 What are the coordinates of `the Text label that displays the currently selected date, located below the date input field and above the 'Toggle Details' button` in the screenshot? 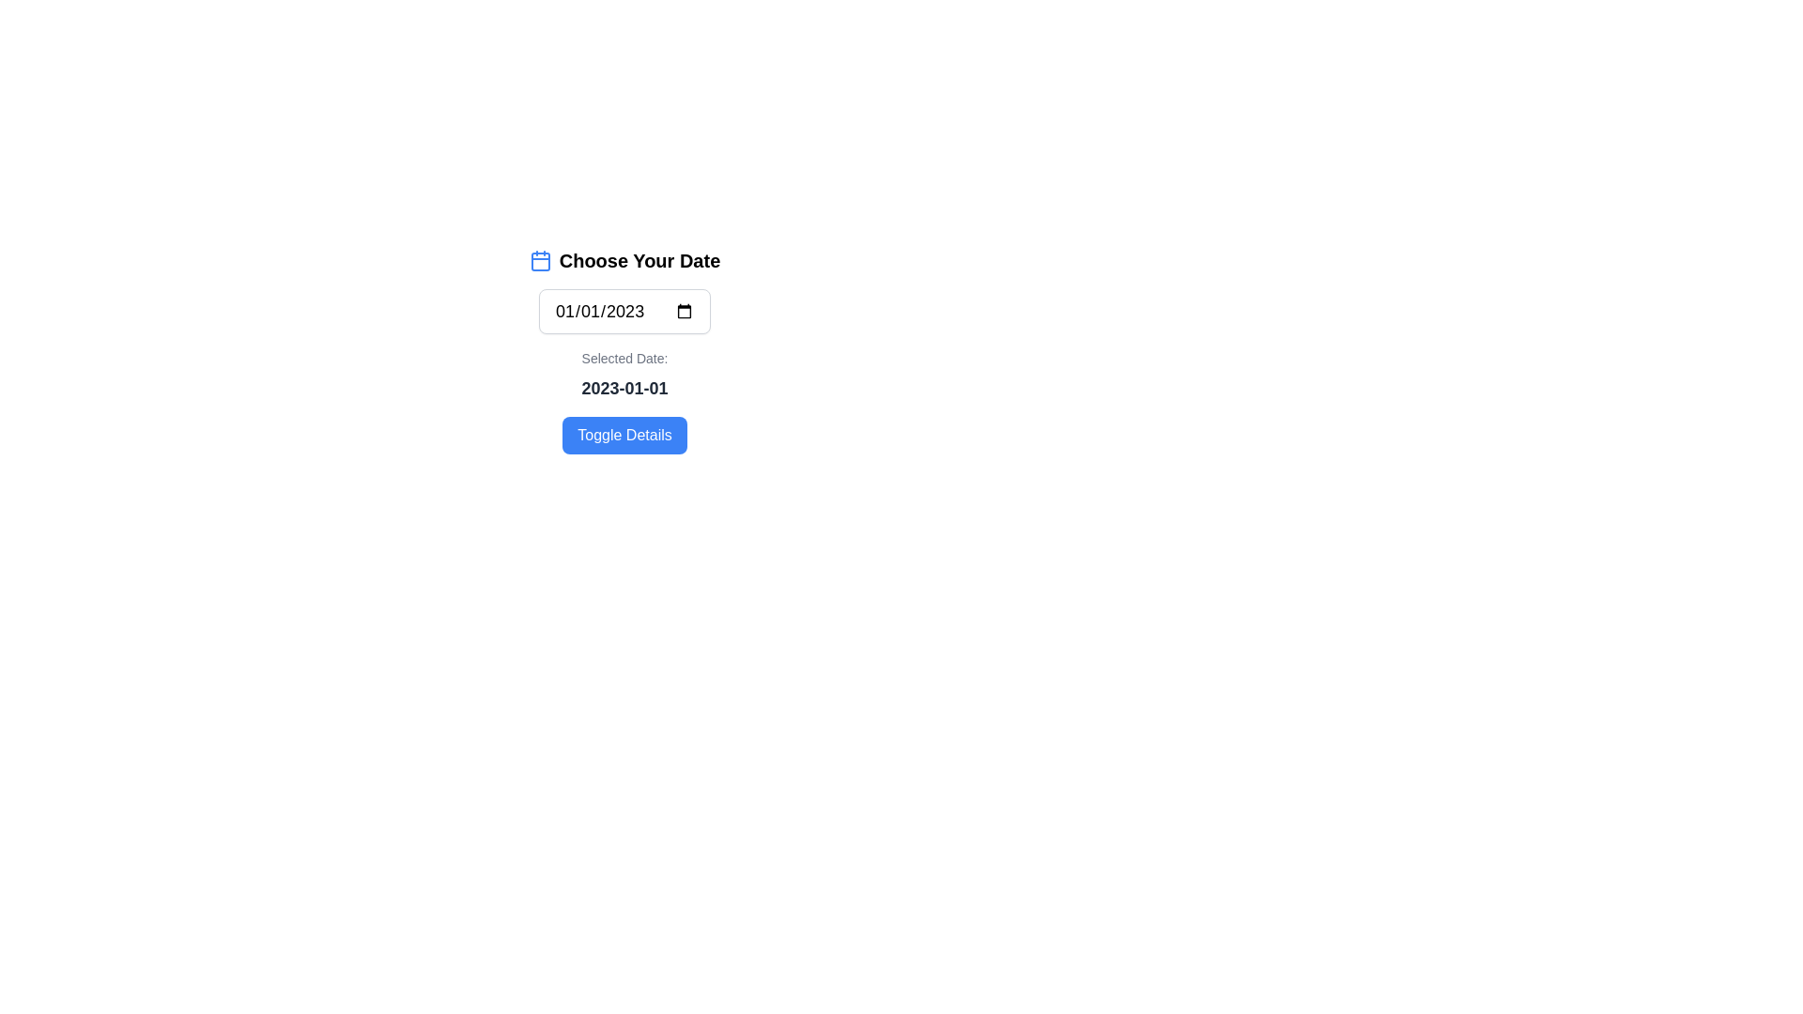 It's located at (624, 376).